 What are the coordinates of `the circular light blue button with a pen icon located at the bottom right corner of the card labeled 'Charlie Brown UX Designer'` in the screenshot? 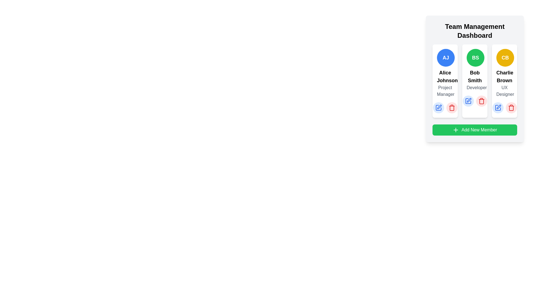 It's located at (498, 108).